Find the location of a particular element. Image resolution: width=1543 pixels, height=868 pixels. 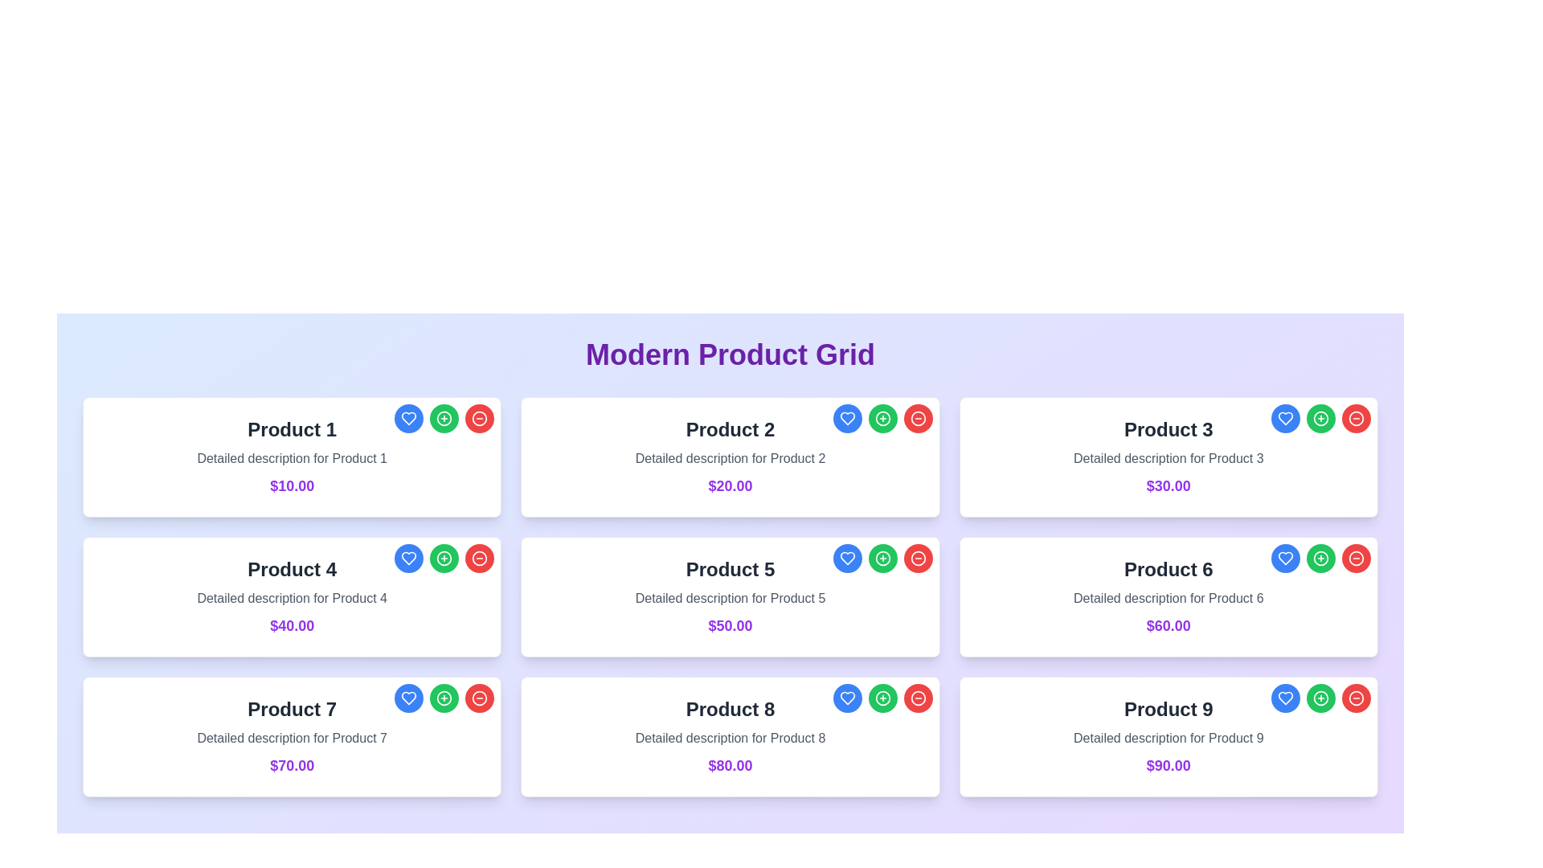

the minus icon in the rightmost corner of the card for 'Product 7' is located at coordinates (479, 697).